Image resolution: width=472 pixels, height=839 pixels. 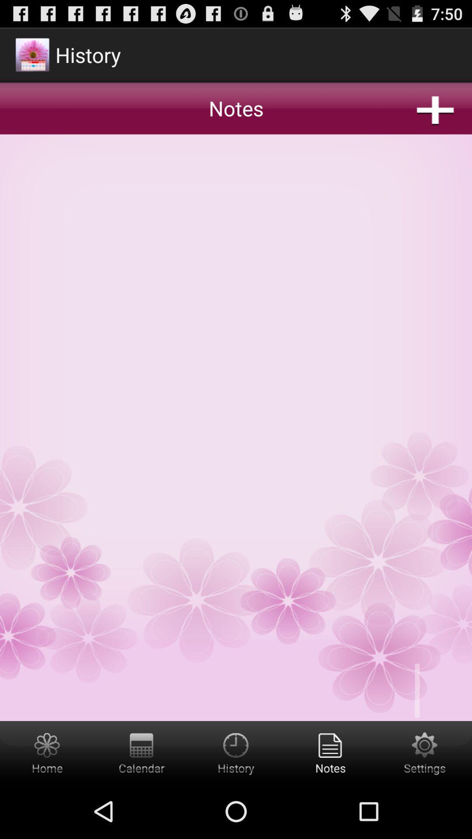 What do you see at coordinates (330, 752) in the screenshot?
I see `notes` at bounding box center [330, 752].